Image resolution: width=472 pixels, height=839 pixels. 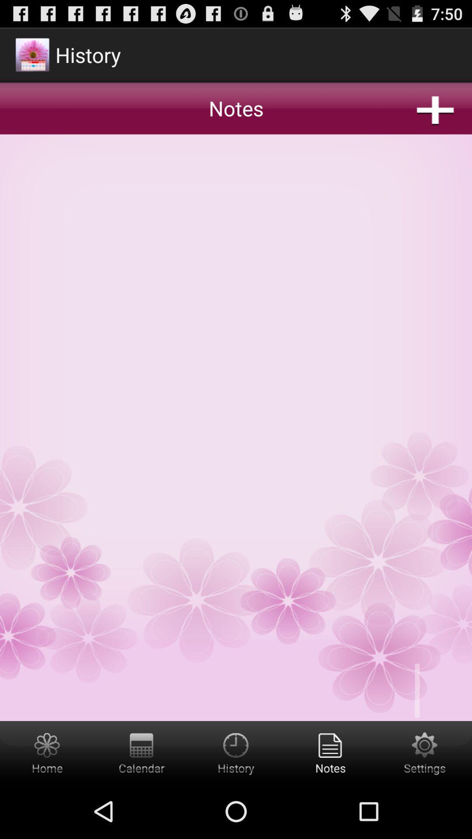 What do you see at coordinates (330, 752) in the screenshot?
I see `notes` at bounding box center [330, 752].